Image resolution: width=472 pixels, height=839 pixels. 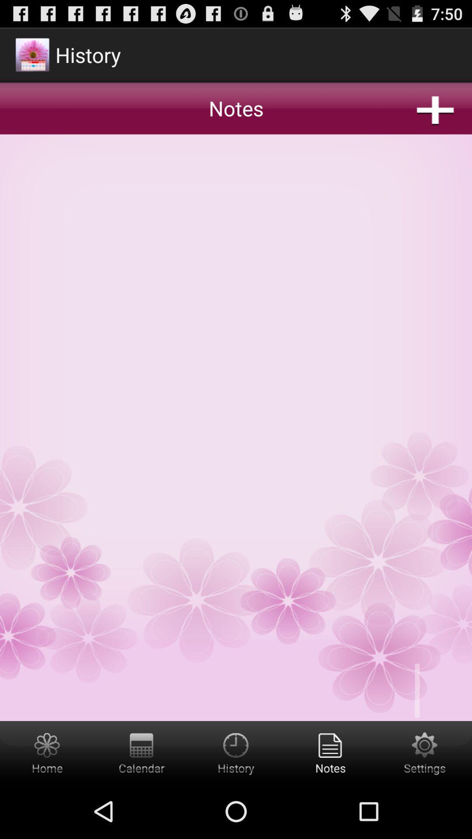 What do you see at coordinates (330, 752) in the screenshot?
I see `notes` at bounding box center [330, 752].